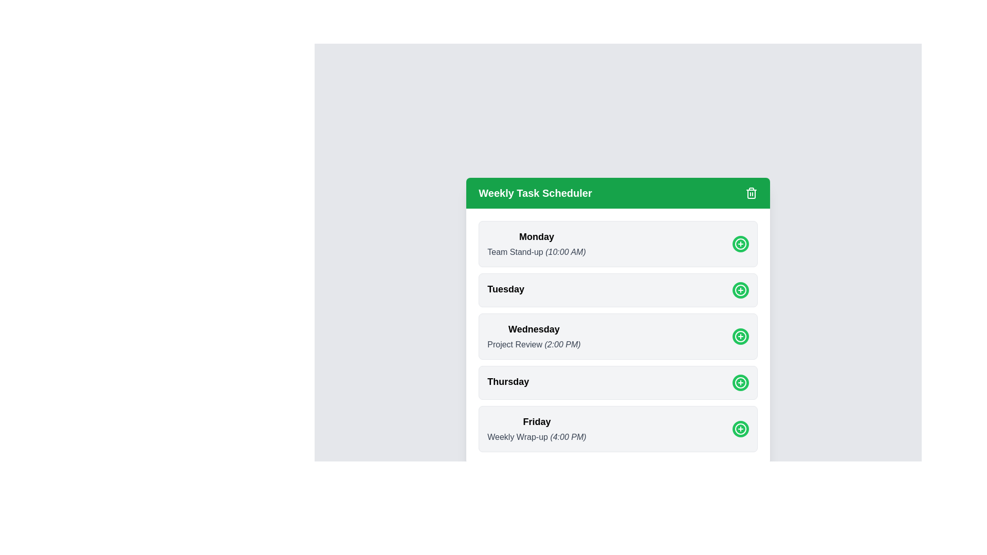 The height and width of the screenshot is (555, 987). Describe the element at coordinates (751, 193) in the screenshot. I see `the trash icon in the header to close the Weekly Task Scheduler dialog` at that location.